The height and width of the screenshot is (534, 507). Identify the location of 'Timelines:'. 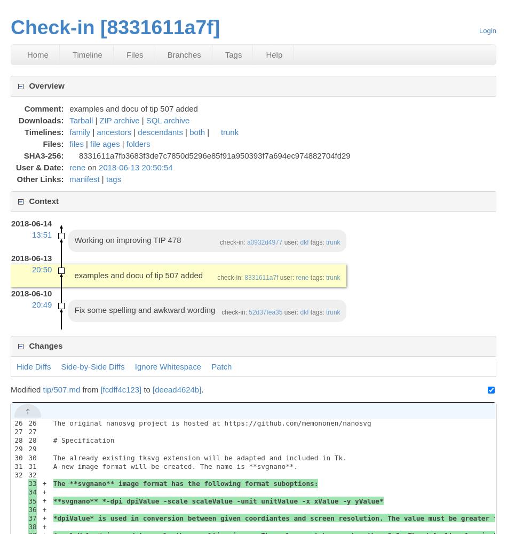
(43, 131).